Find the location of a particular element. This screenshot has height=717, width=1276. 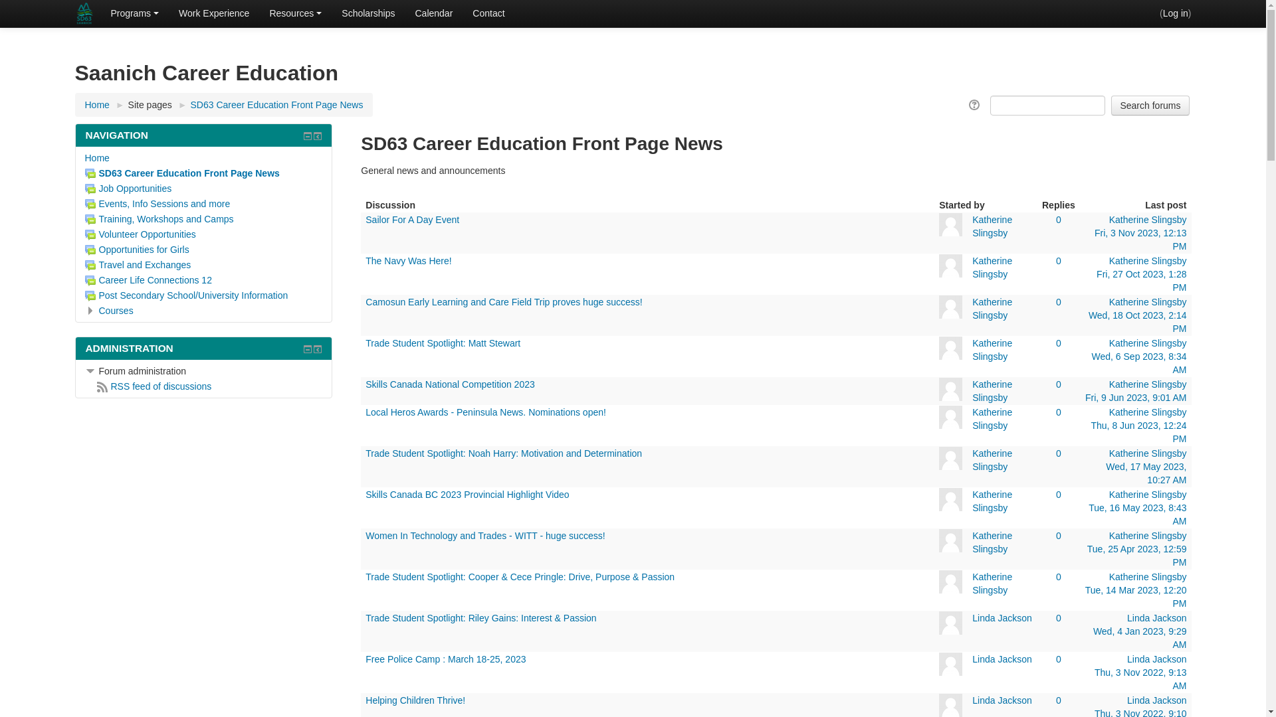

'Linda Jackson' is located at coordinates (1002, 617).